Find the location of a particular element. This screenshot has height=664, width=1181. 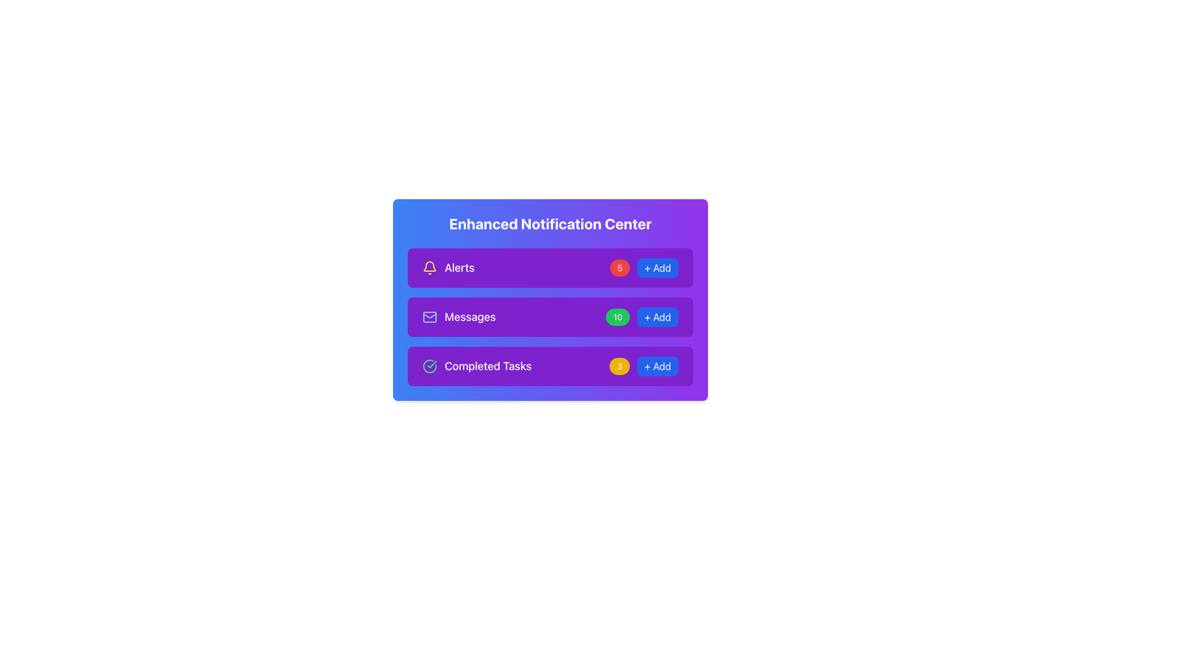

the 'Messages' section indicator, which features a light blue envelope icon and white text against a purple background, located under 'Enhanced Notification Center' is located at coordinates (458, 317).